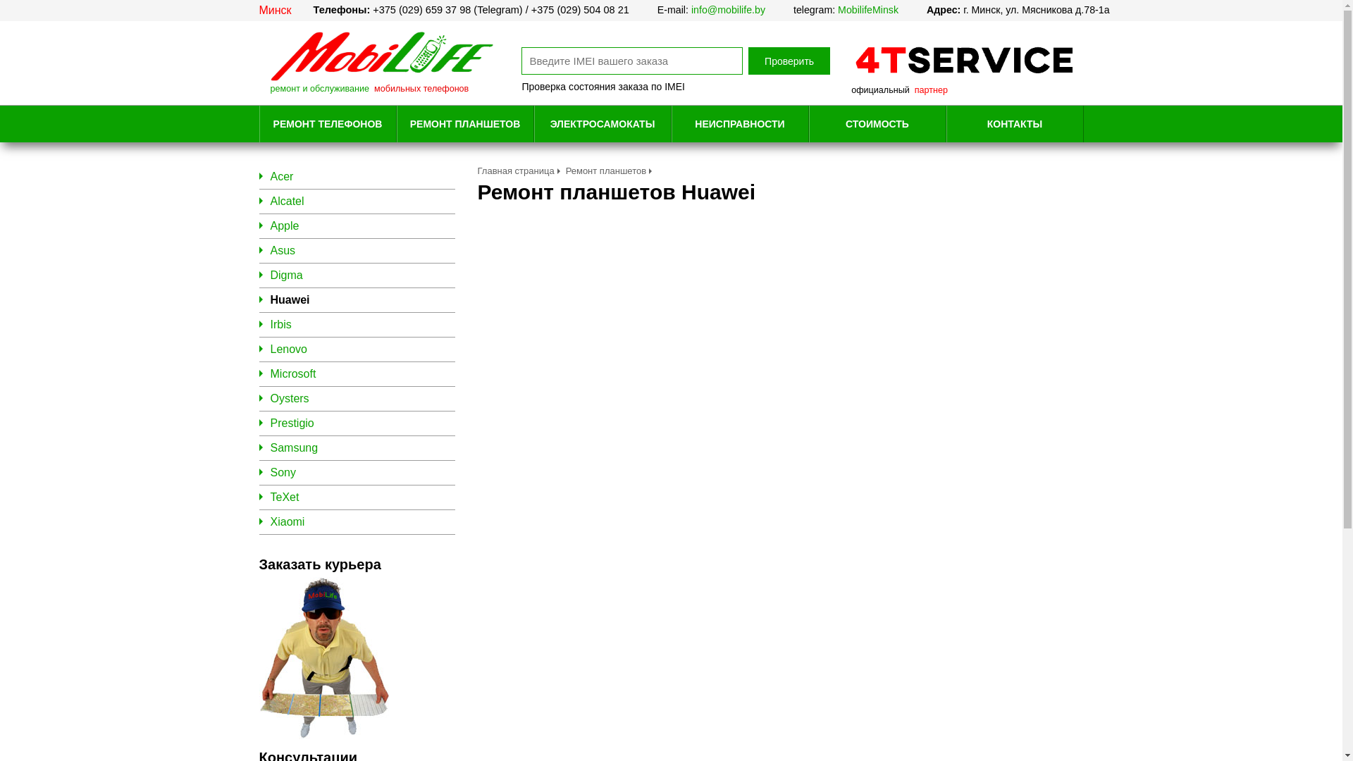 The height and width of the screenshot is (761, 1353). Describe the element at coordinates (280, 324) in the screenshot. I see `'Irbis'` at that location.